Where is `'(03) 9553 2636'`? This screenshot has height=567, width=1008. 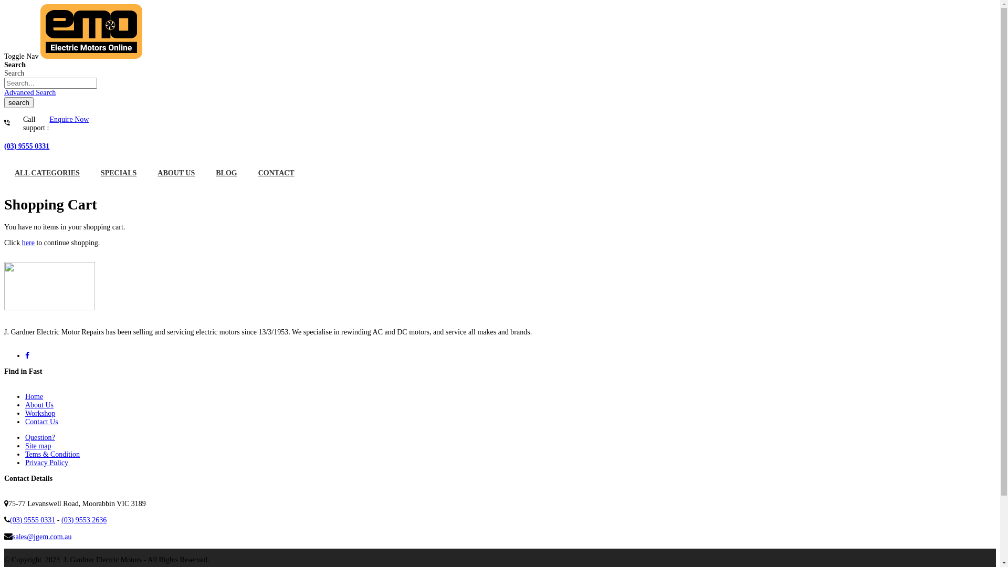 '(03) 9553 2636' is located at coordinates (83, 520).